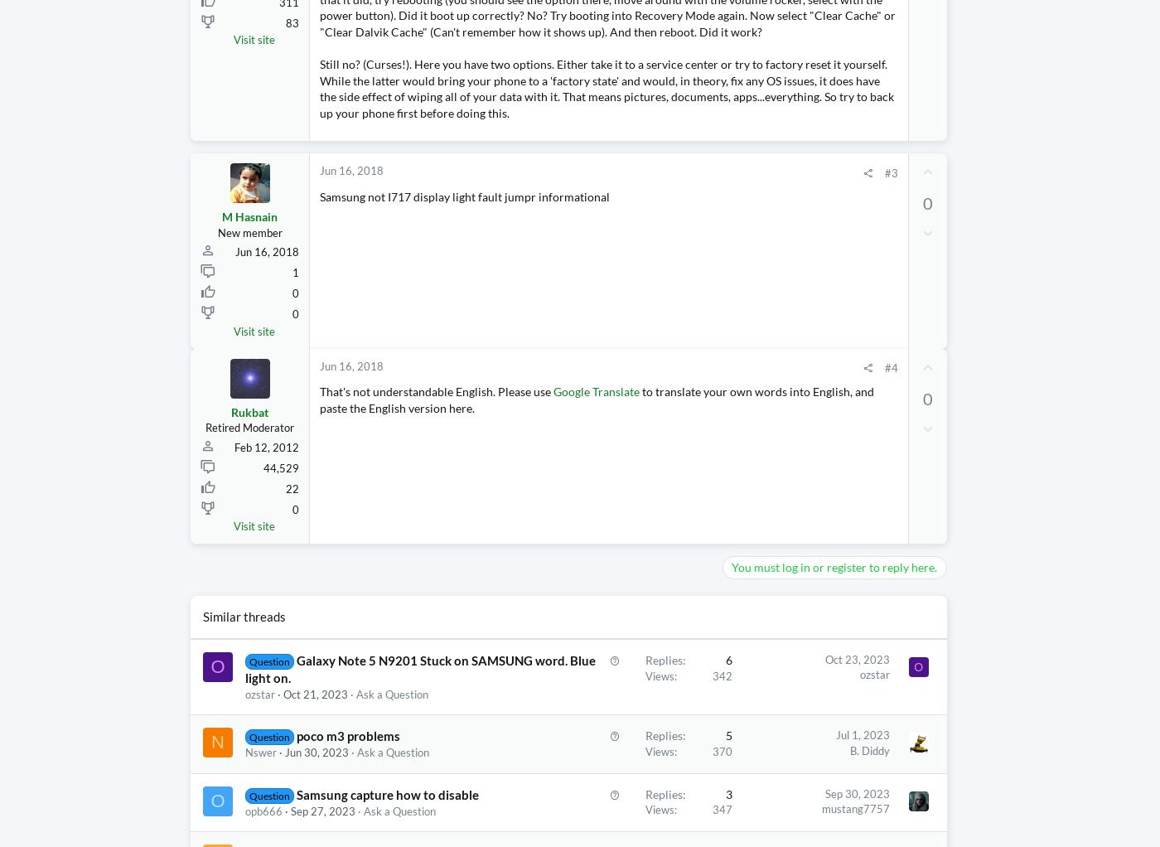 Image resolution: width=1160 pixels, height=847 pixels. Describe the element at coordinates (261, 784) in the screenshot. I see `'Nswer'` at that location.